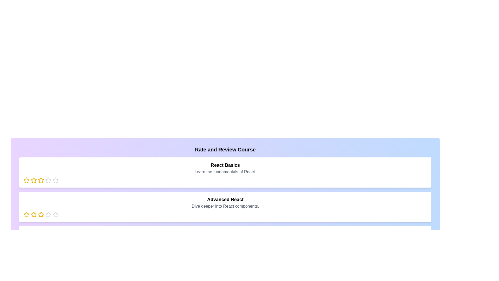  What do you see at coordinates (56, 215) in the screenshot?
I see `the fifth gray star icon used for rating purposes, located below the 'Advanced React' section` at bounding box center [56, 215].